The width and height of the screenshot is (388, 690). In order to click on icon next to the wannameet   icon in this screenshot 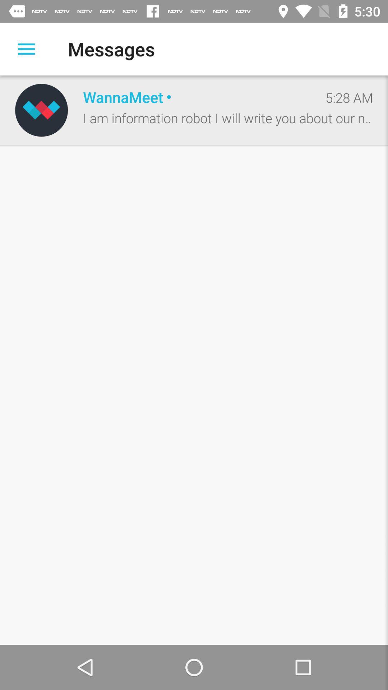, I will do `click(349, 97)`.